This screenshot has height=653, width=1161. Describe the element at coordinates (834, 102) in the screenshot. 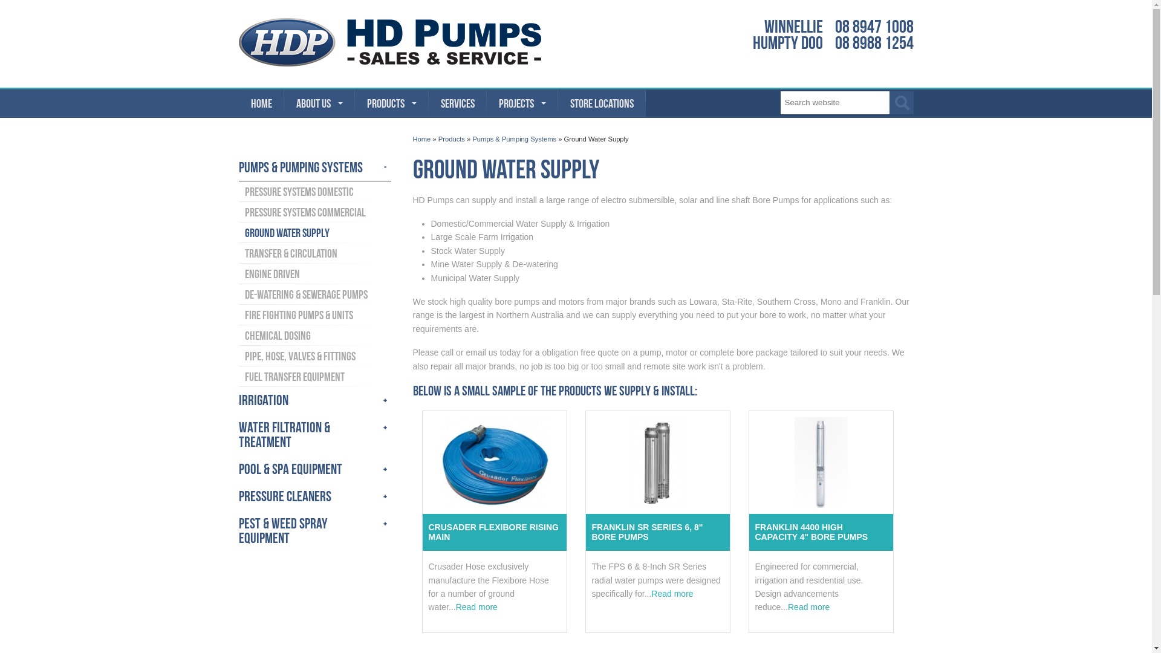

I see `'Enter the terms you wish to search for.'` at that location.